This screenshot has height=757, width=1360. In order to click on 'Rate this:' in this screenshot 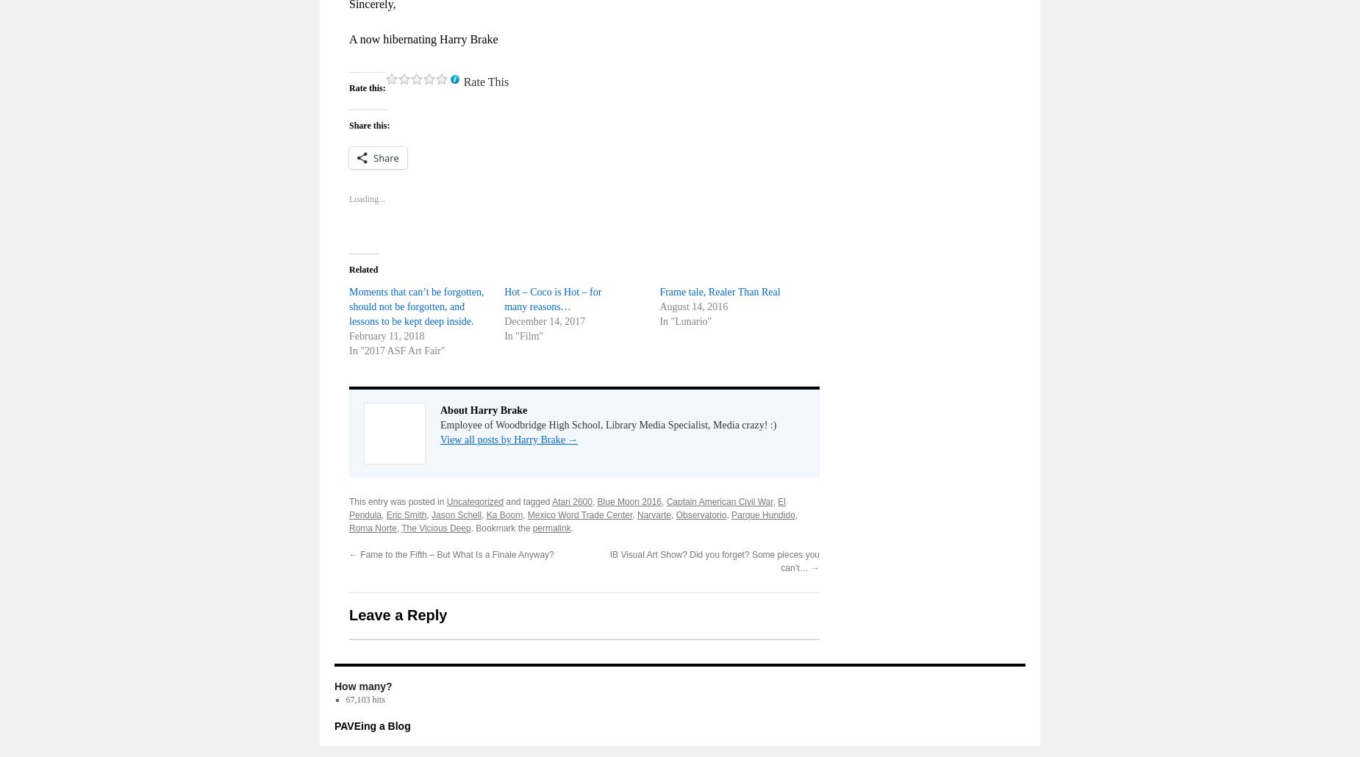, I will do `click(367, 86)`.